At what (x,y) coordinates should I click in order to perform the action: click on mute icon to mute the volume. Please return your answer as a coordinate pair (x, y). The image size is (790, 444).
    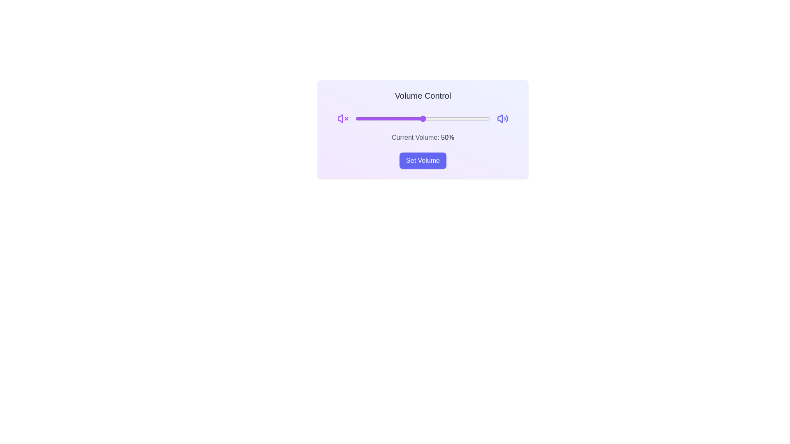
    Looking at the image, I should click on (343, 119).